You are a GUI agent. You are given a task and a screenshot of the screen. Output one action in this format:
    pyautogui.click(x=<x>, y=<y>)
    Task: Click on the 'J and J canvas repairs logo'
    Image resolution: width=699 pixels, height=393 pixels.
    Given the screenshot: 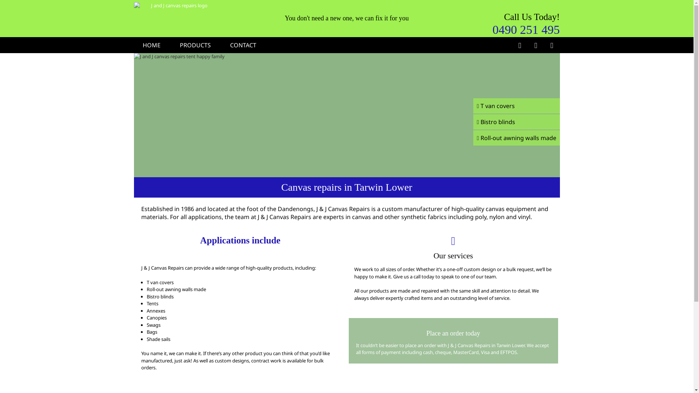 What is the action you would take?
    pyautogui.click(x=176, y=5)
    